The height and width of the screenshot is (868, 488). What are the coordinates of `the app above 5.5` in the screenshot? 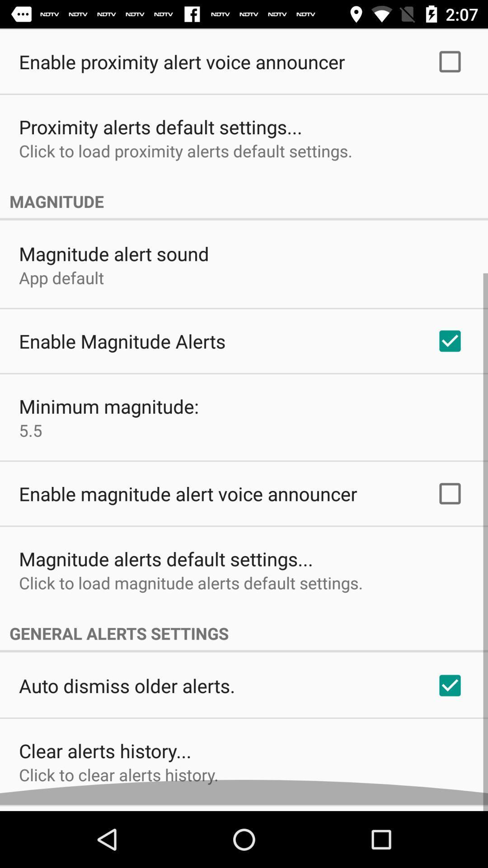 It's located at (108, 412).